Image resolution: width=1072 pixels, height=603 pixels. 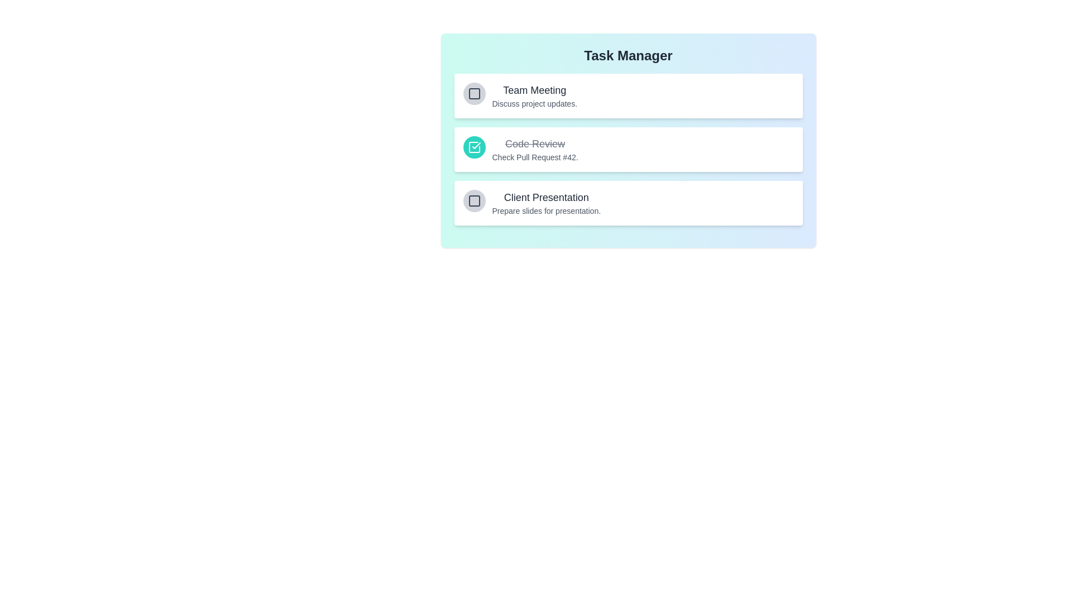 I want to click on the toggle button for the 'Team Meeting' task, so click(x=474, y=93).